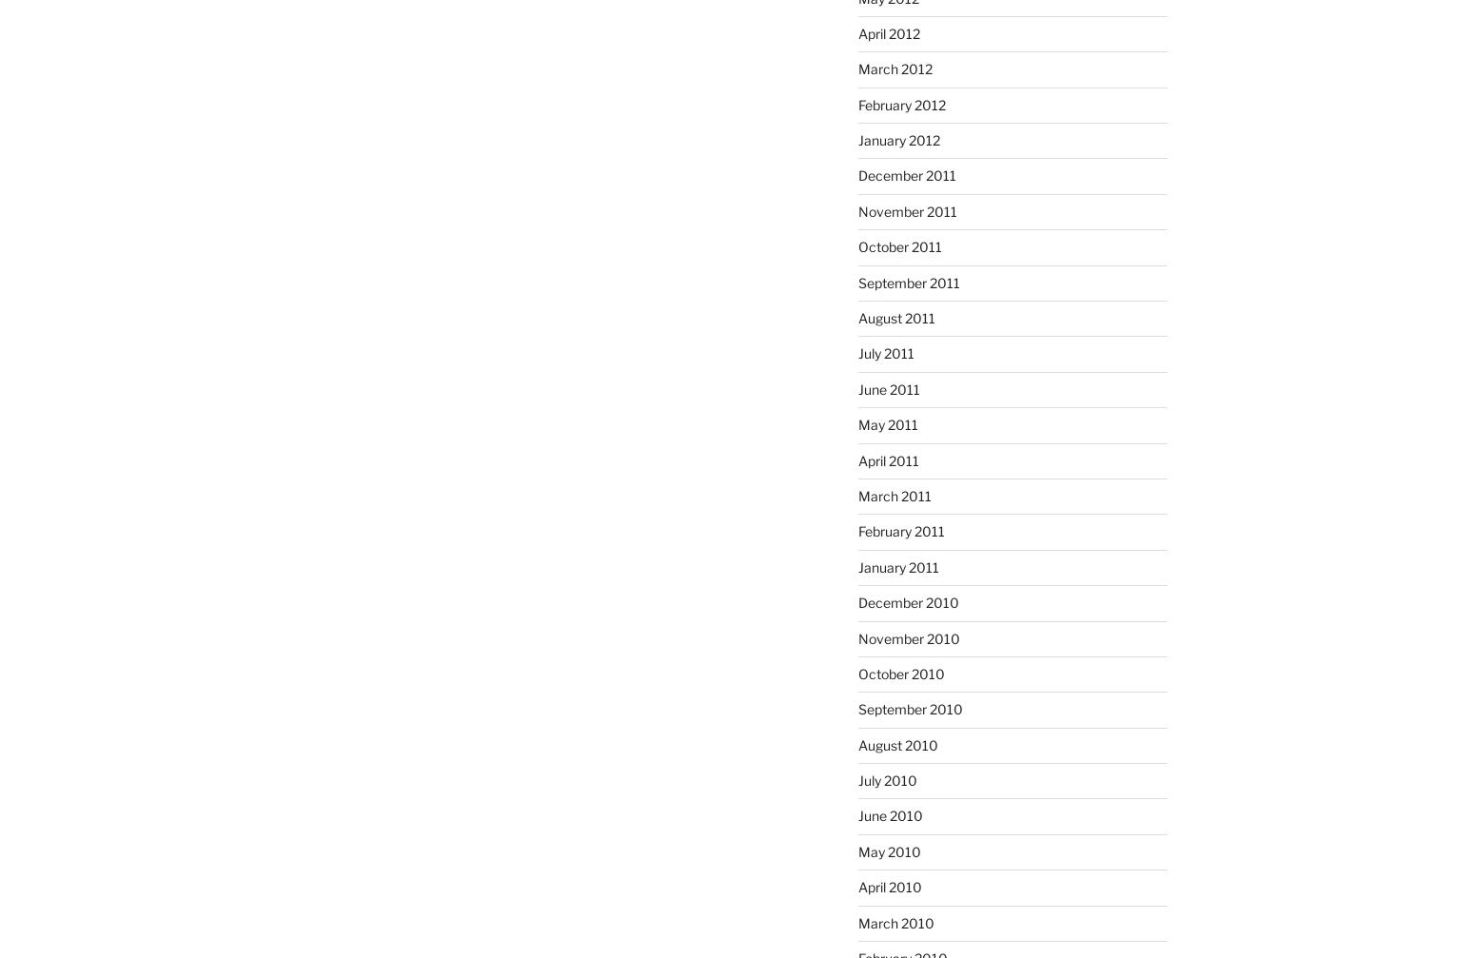 The image size is (1475, 958). What do you see at coordinates (907, 282) in the screenshot?
I see `'September 2011'` at bounding box center [907, 282].